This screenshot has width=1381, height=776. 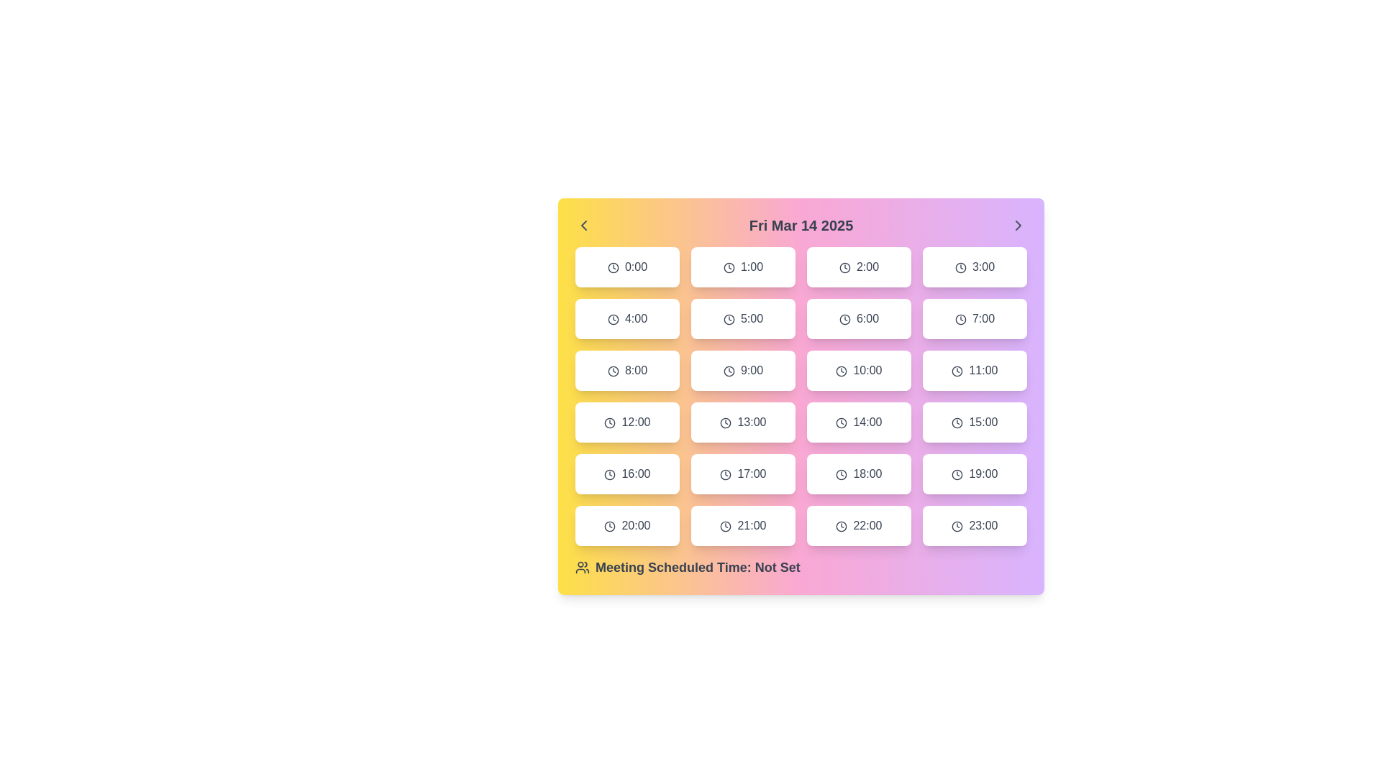 What do you see at coordinates (975, 318) in the screenshot?
I see `the button labeled '7:00' which has a small clock icon on the left and is located in the second row, fourth column of the grid` at bounding box center [975, 318].